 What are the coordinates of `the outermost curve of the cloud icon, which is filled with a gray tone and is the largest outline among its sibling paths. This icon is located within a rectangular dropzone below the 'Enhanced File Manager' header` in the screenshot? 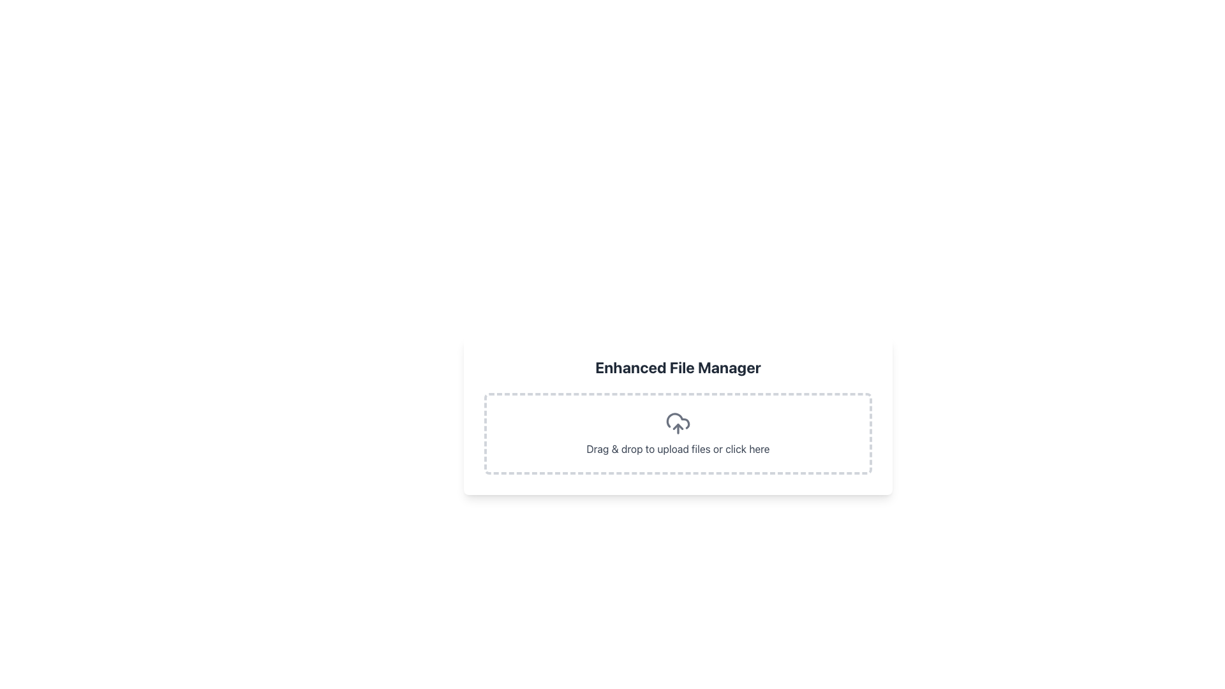 It's located at (677, 420).